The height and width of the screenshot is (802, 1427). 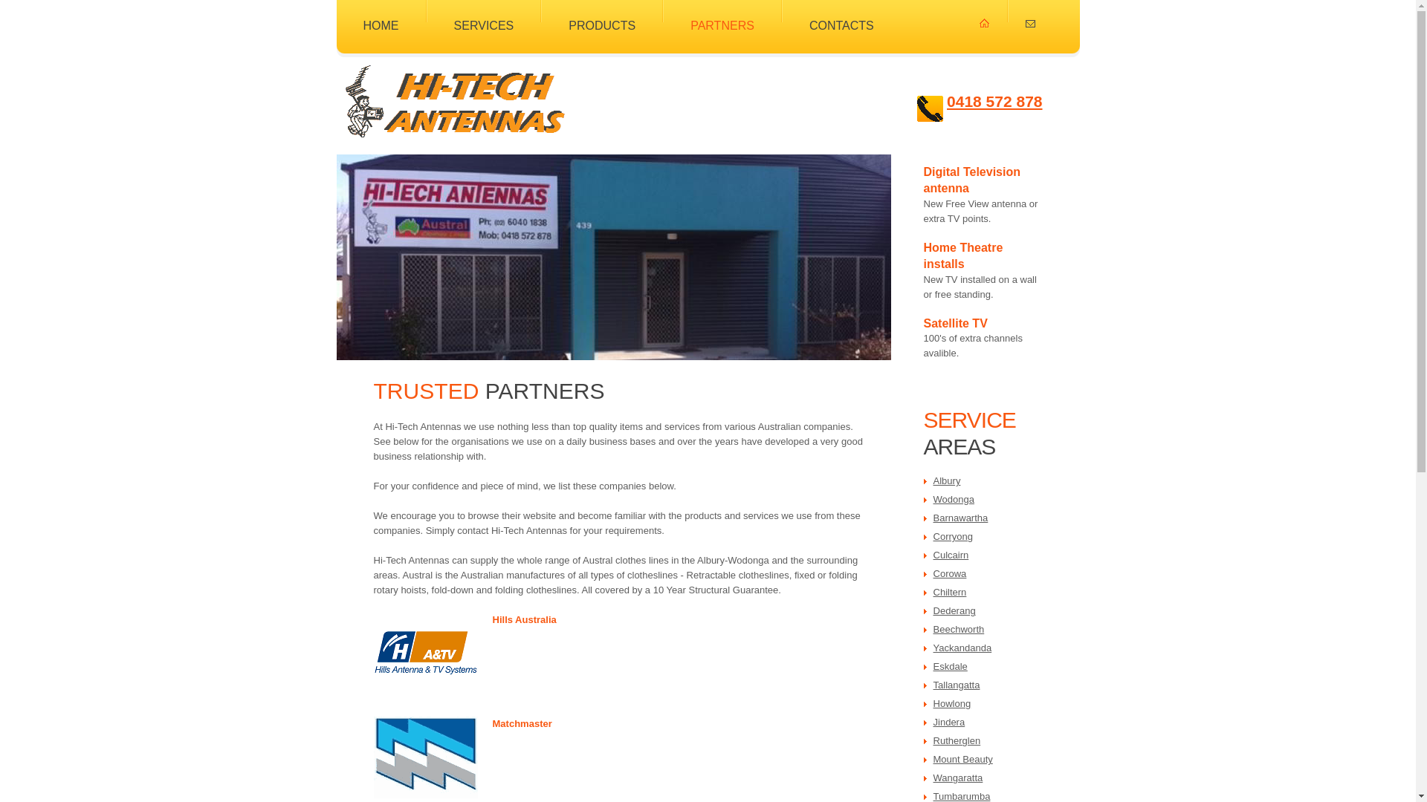 What do you see at coordinates (946, 480) in the screenshot?
I see `'Albury'` at bounding box center [946, 480].